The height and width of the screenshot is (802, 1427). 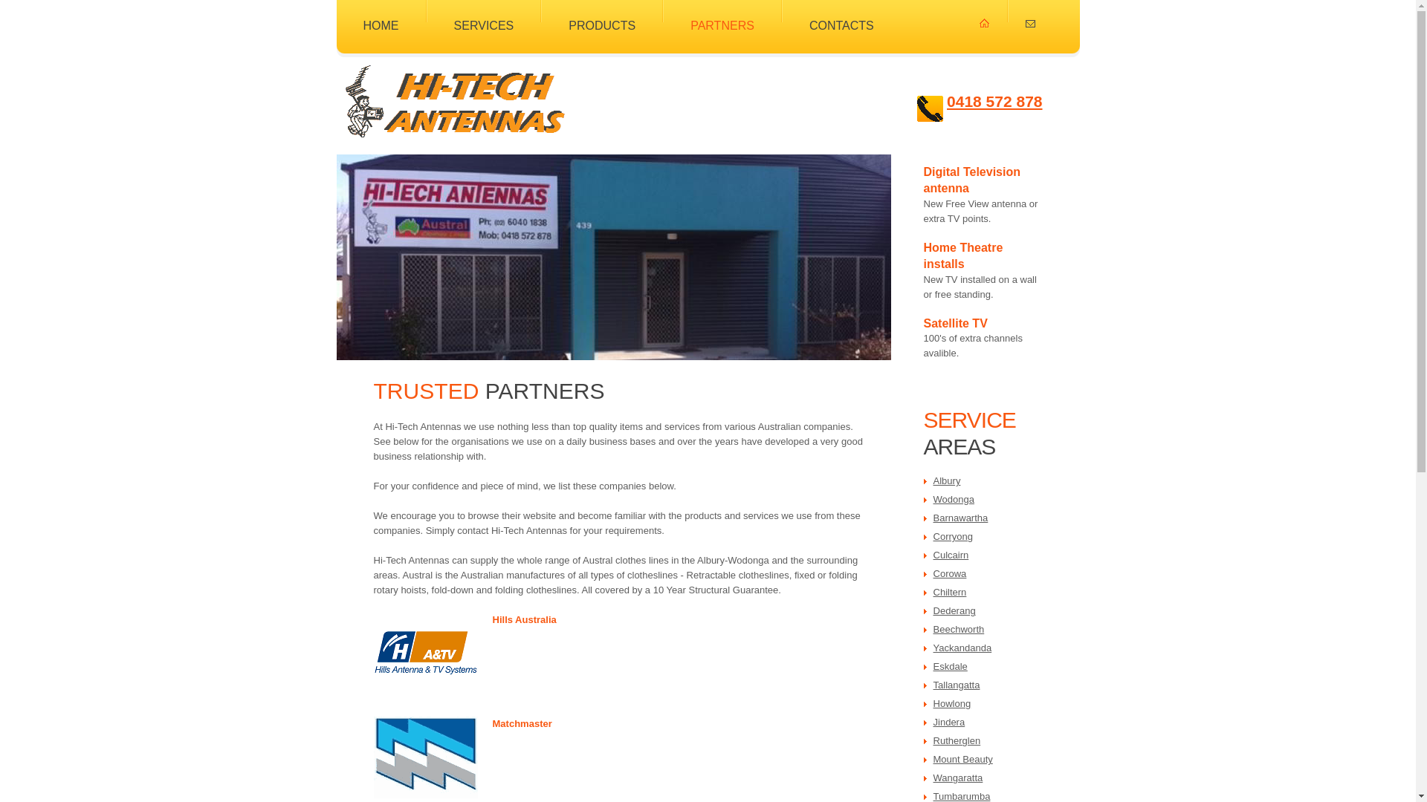 What do you see at coordinates (946, 480) in the screenshot?
I see `'Albury'` at bounding box center [946, 480].